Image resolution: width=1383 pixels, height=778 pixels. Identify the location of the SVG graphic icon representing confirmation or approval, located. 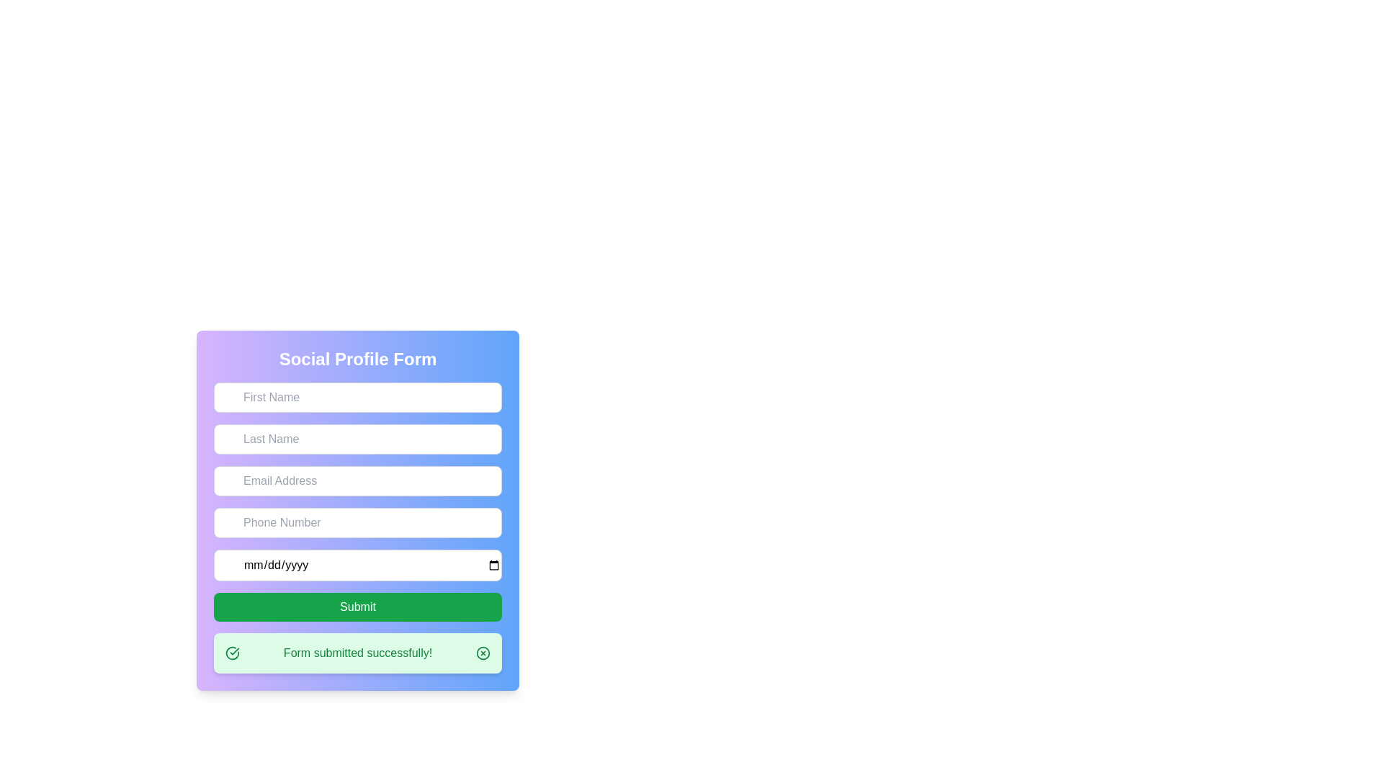
(232, 653).